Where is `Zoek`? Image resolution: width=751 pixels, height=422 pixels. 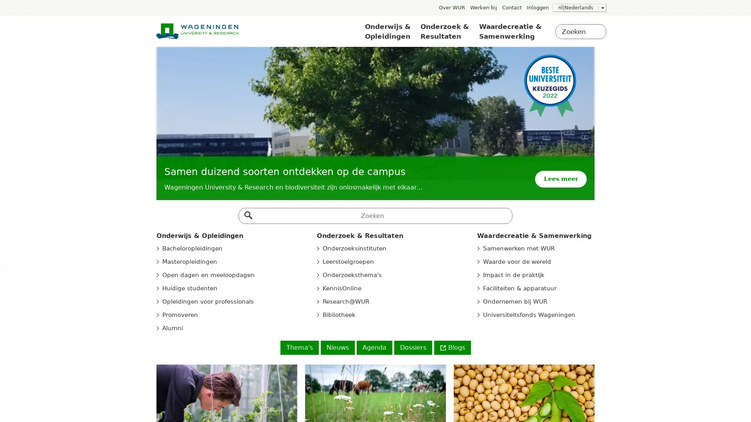 Zoek is located at coordinates (596, 32).